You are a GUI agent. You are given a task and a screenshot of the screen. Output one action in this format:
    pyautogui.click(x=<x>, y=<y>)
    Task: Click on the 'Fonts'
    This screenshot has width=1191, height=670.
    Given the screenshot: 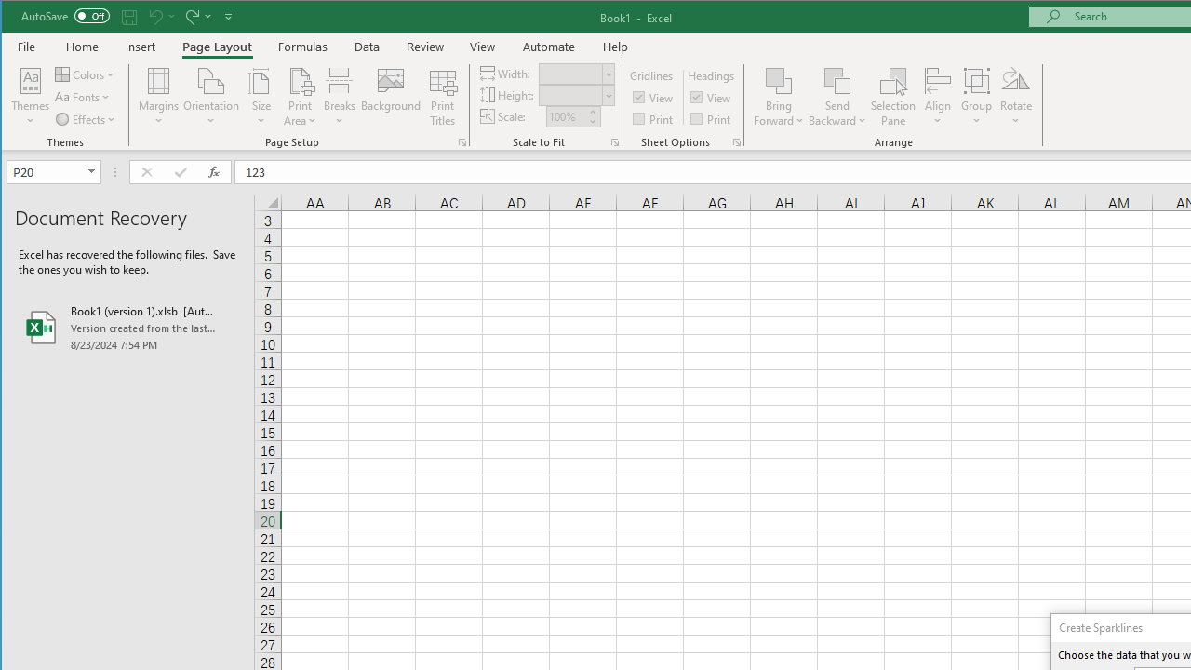 What is the action you would take?
    pyautogui.click(x=83, y=97)
    